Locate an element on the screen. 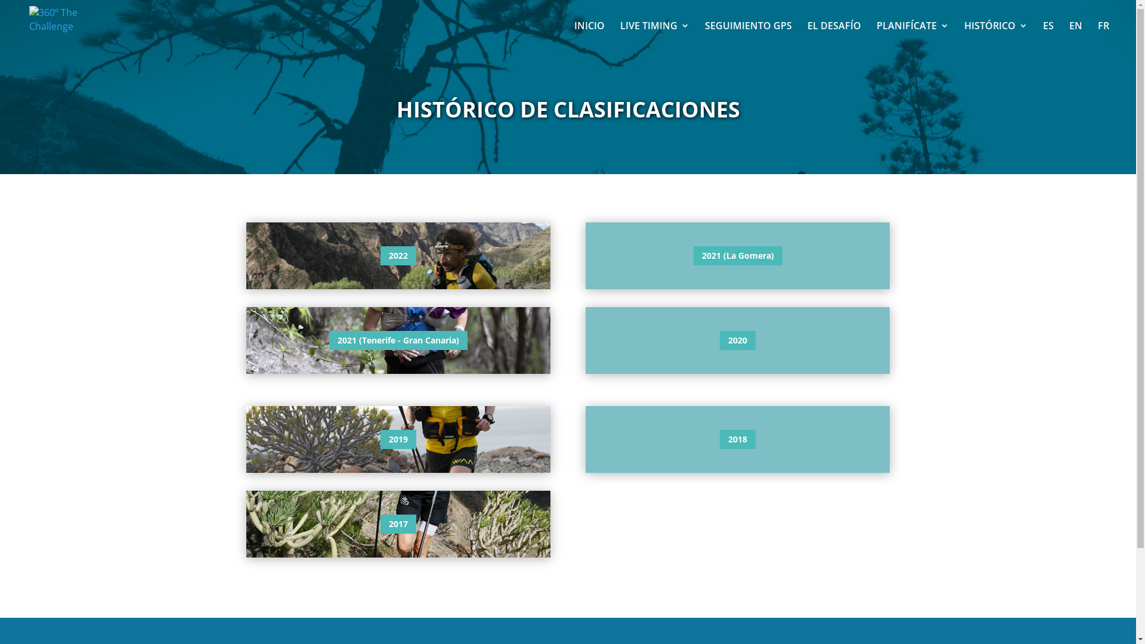  '2020' is located at coordinates (737, 340).